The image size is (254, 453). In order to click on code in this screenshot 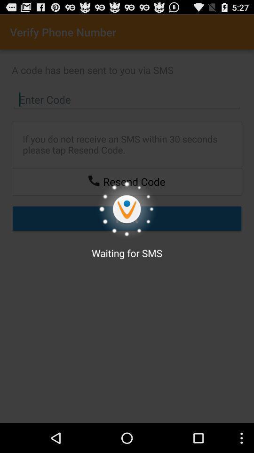, I will do `click(127, 100)`.